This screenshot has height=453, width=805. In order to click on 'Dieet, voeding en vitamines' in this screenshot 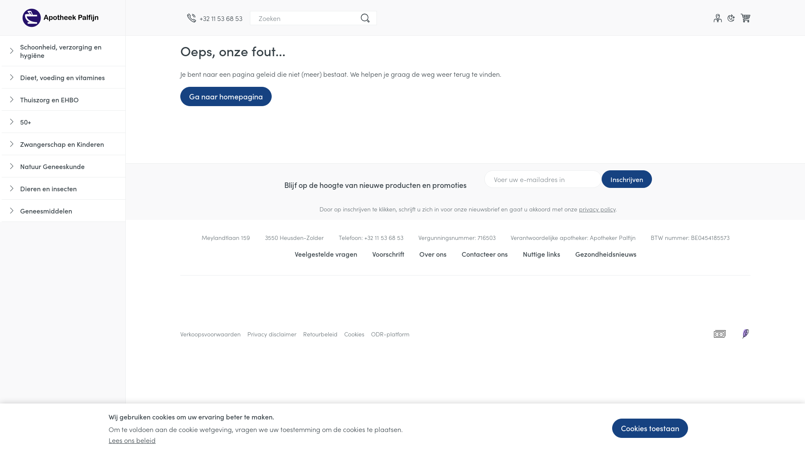, I will do `click(63, 77)`.